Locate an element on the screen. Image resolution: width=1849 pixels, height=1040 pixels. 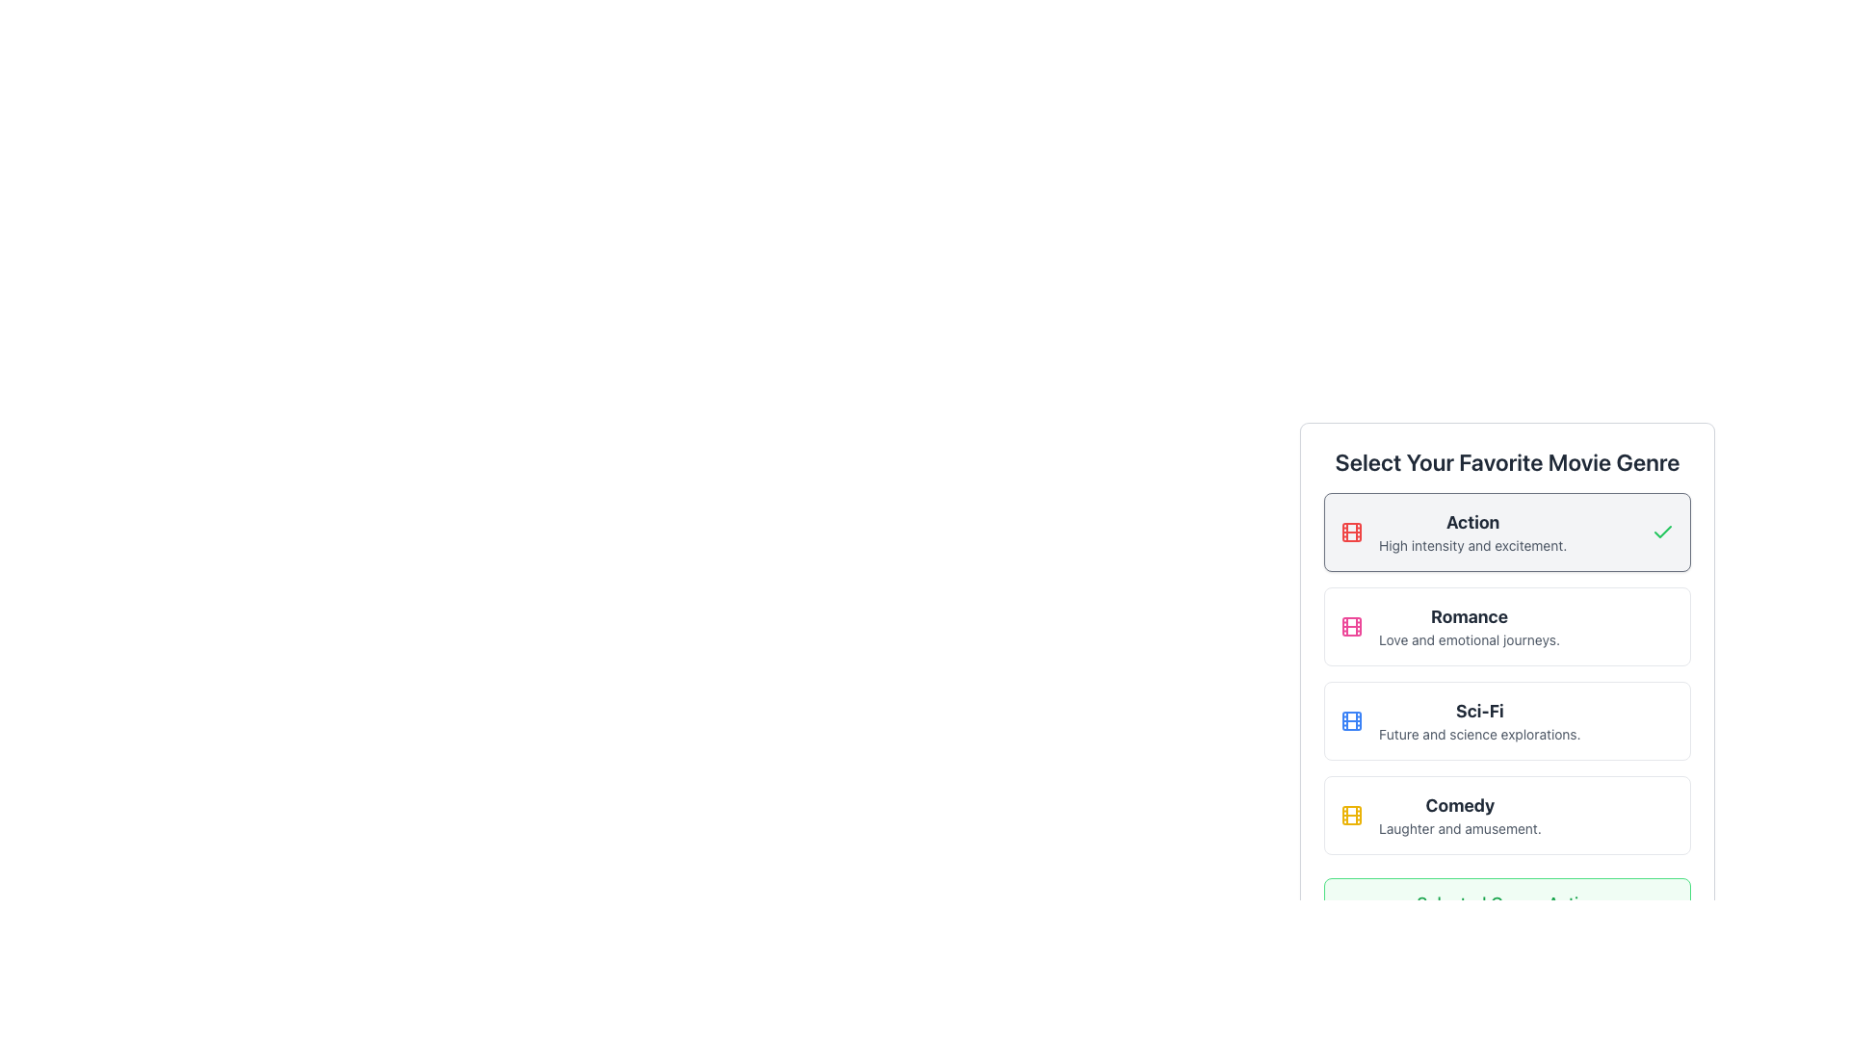
the button representing the selectable option for the 'Sci-Fi' genre in the list of movie genres is located at coordinates (1506, 720).